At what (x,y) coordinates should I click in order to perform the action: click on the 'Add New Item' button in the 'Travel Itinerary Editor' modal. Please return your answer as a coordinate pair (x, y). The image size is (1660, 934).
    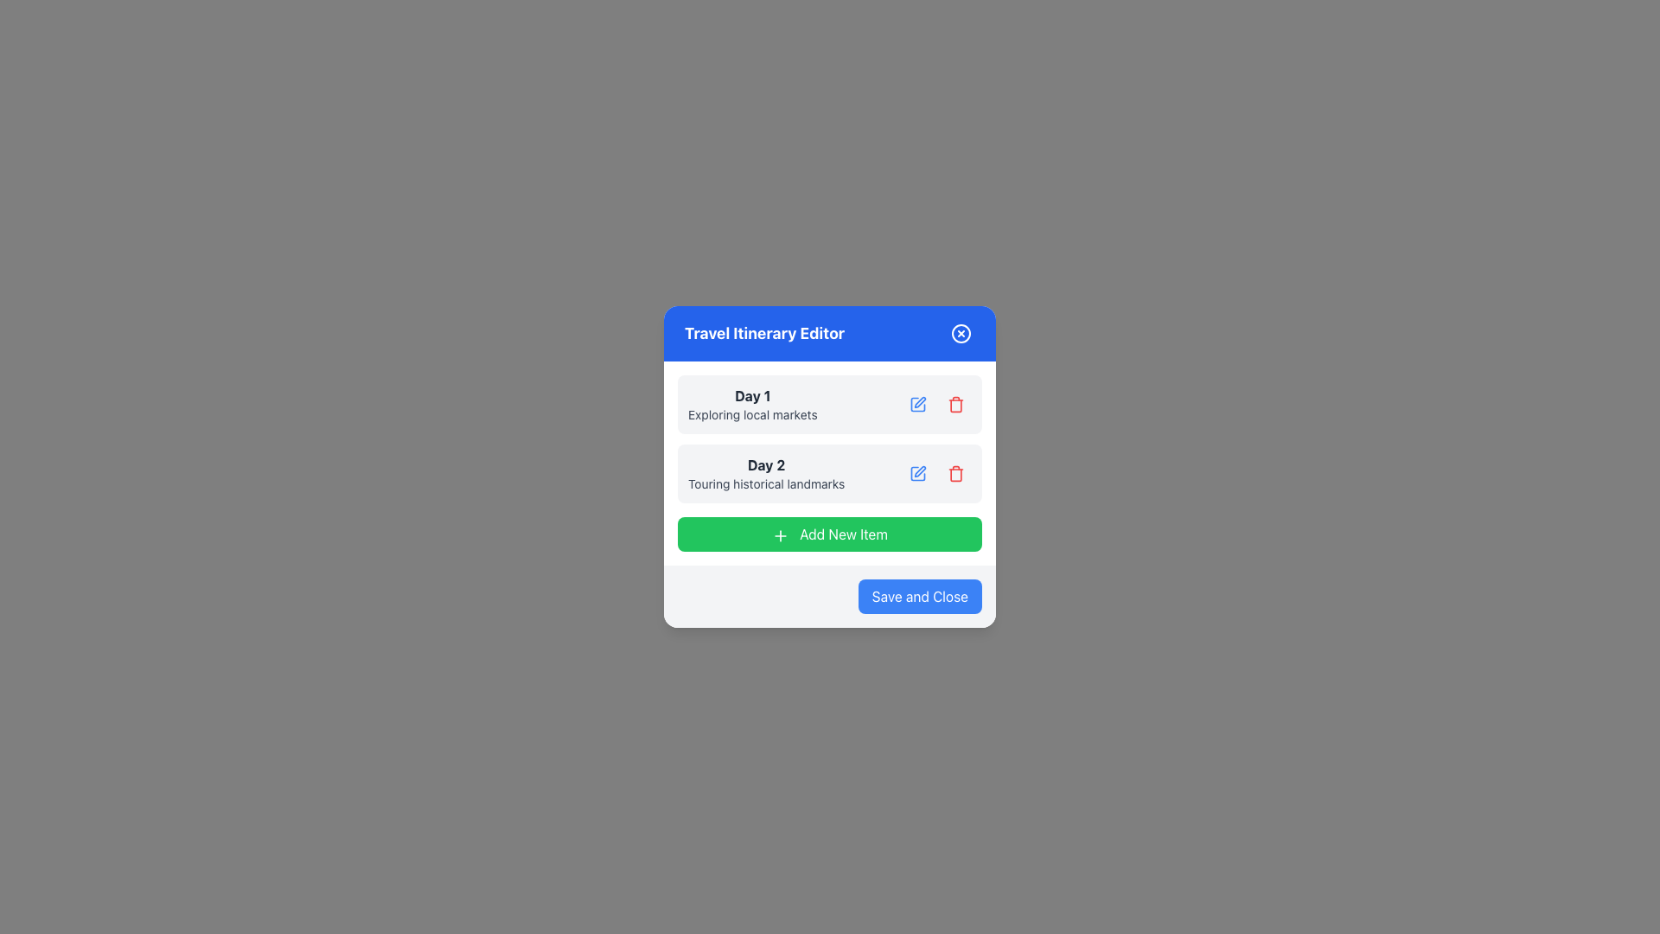
    Looking at the image, I should click on (779, 534).